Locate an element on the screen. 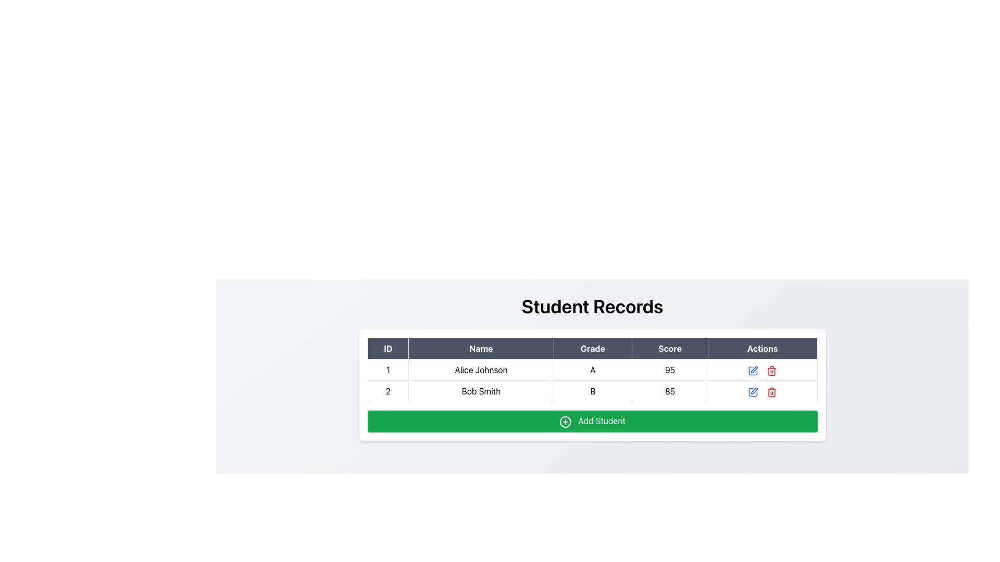 The height and width of the screenshot is (562, 1000). the 'Name' Table Header Cell, which is the second cell from the left in the header row of the 'Student Records' table, located between 'ID' and 'Grade' is located at coordinates (480, 349).